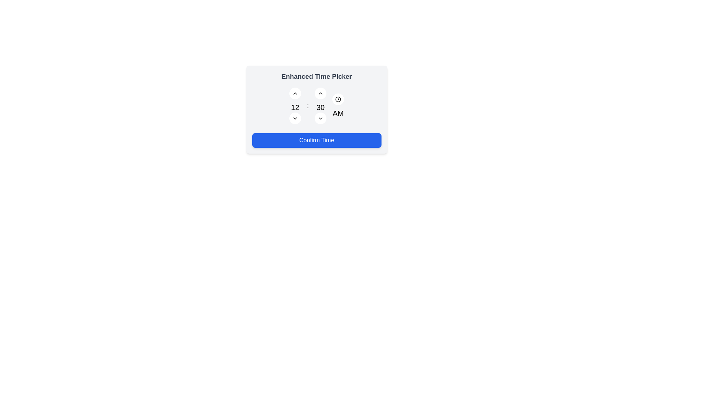  Describe the element at coordinates (338, 113) in the screenshot. I see `the 'AM' text label, which is displayed in a bold, large font as part of the time selection interface below the clock icon` at that location.